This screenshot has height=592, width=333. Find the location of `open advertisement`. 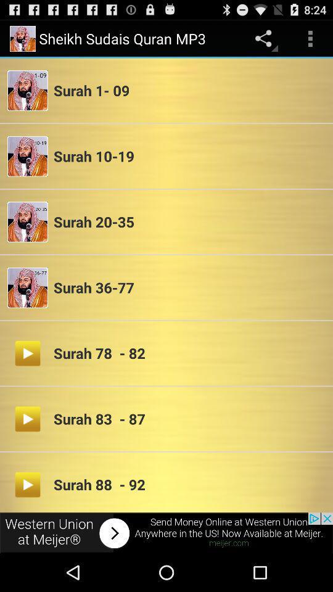

open advertisement is located at coordinates (166, 532).